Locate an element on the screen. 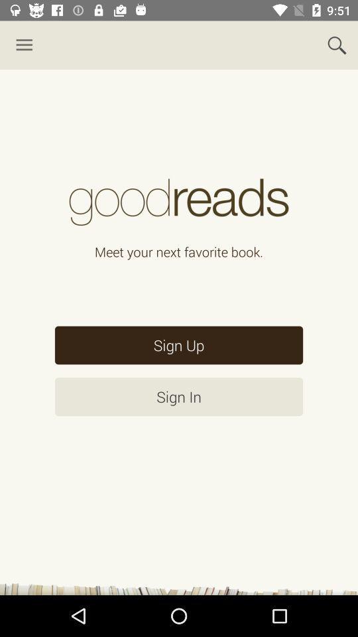 The image size is (358, 637). the item above the sign in is located at coordinates (179, 344).